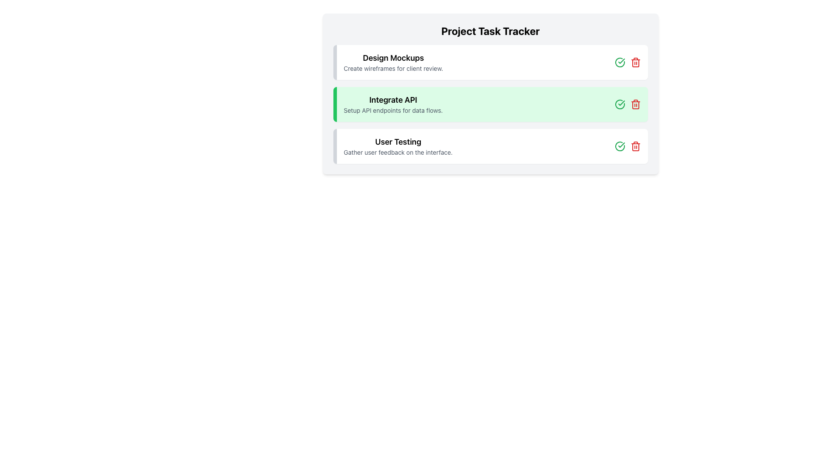  I want to click on the 'Design Mockups' text label, so click(393, 58).